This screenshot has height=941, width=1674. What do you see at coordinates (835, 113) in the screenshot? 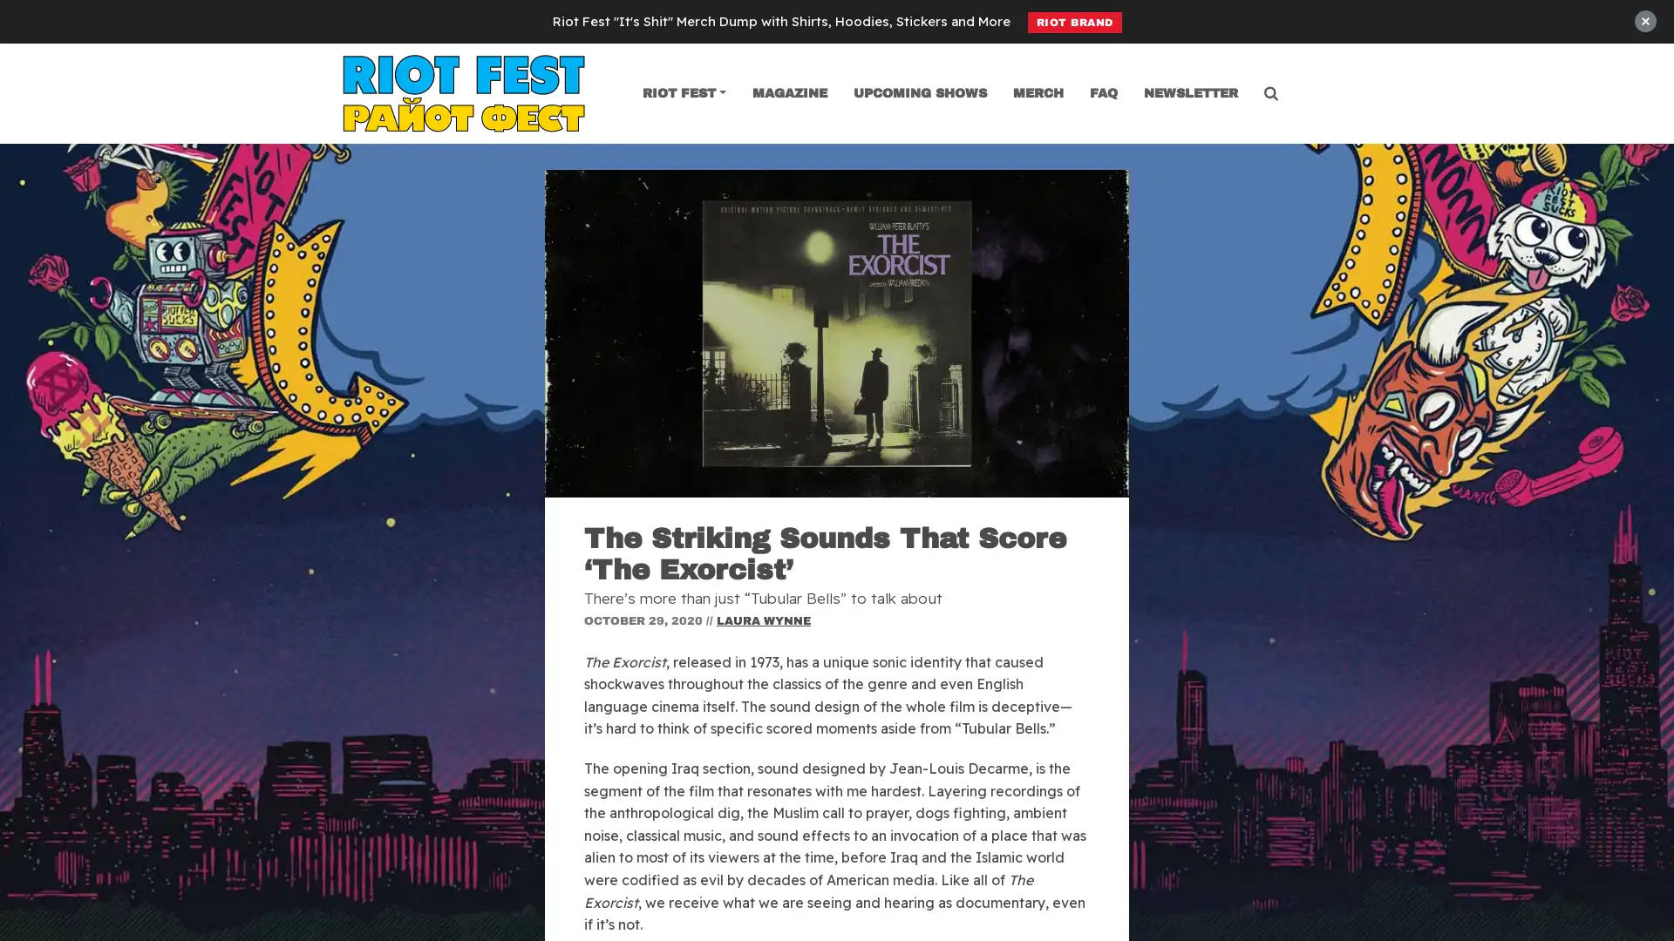
I see `SEARCH` at bounding box center [835, 113].